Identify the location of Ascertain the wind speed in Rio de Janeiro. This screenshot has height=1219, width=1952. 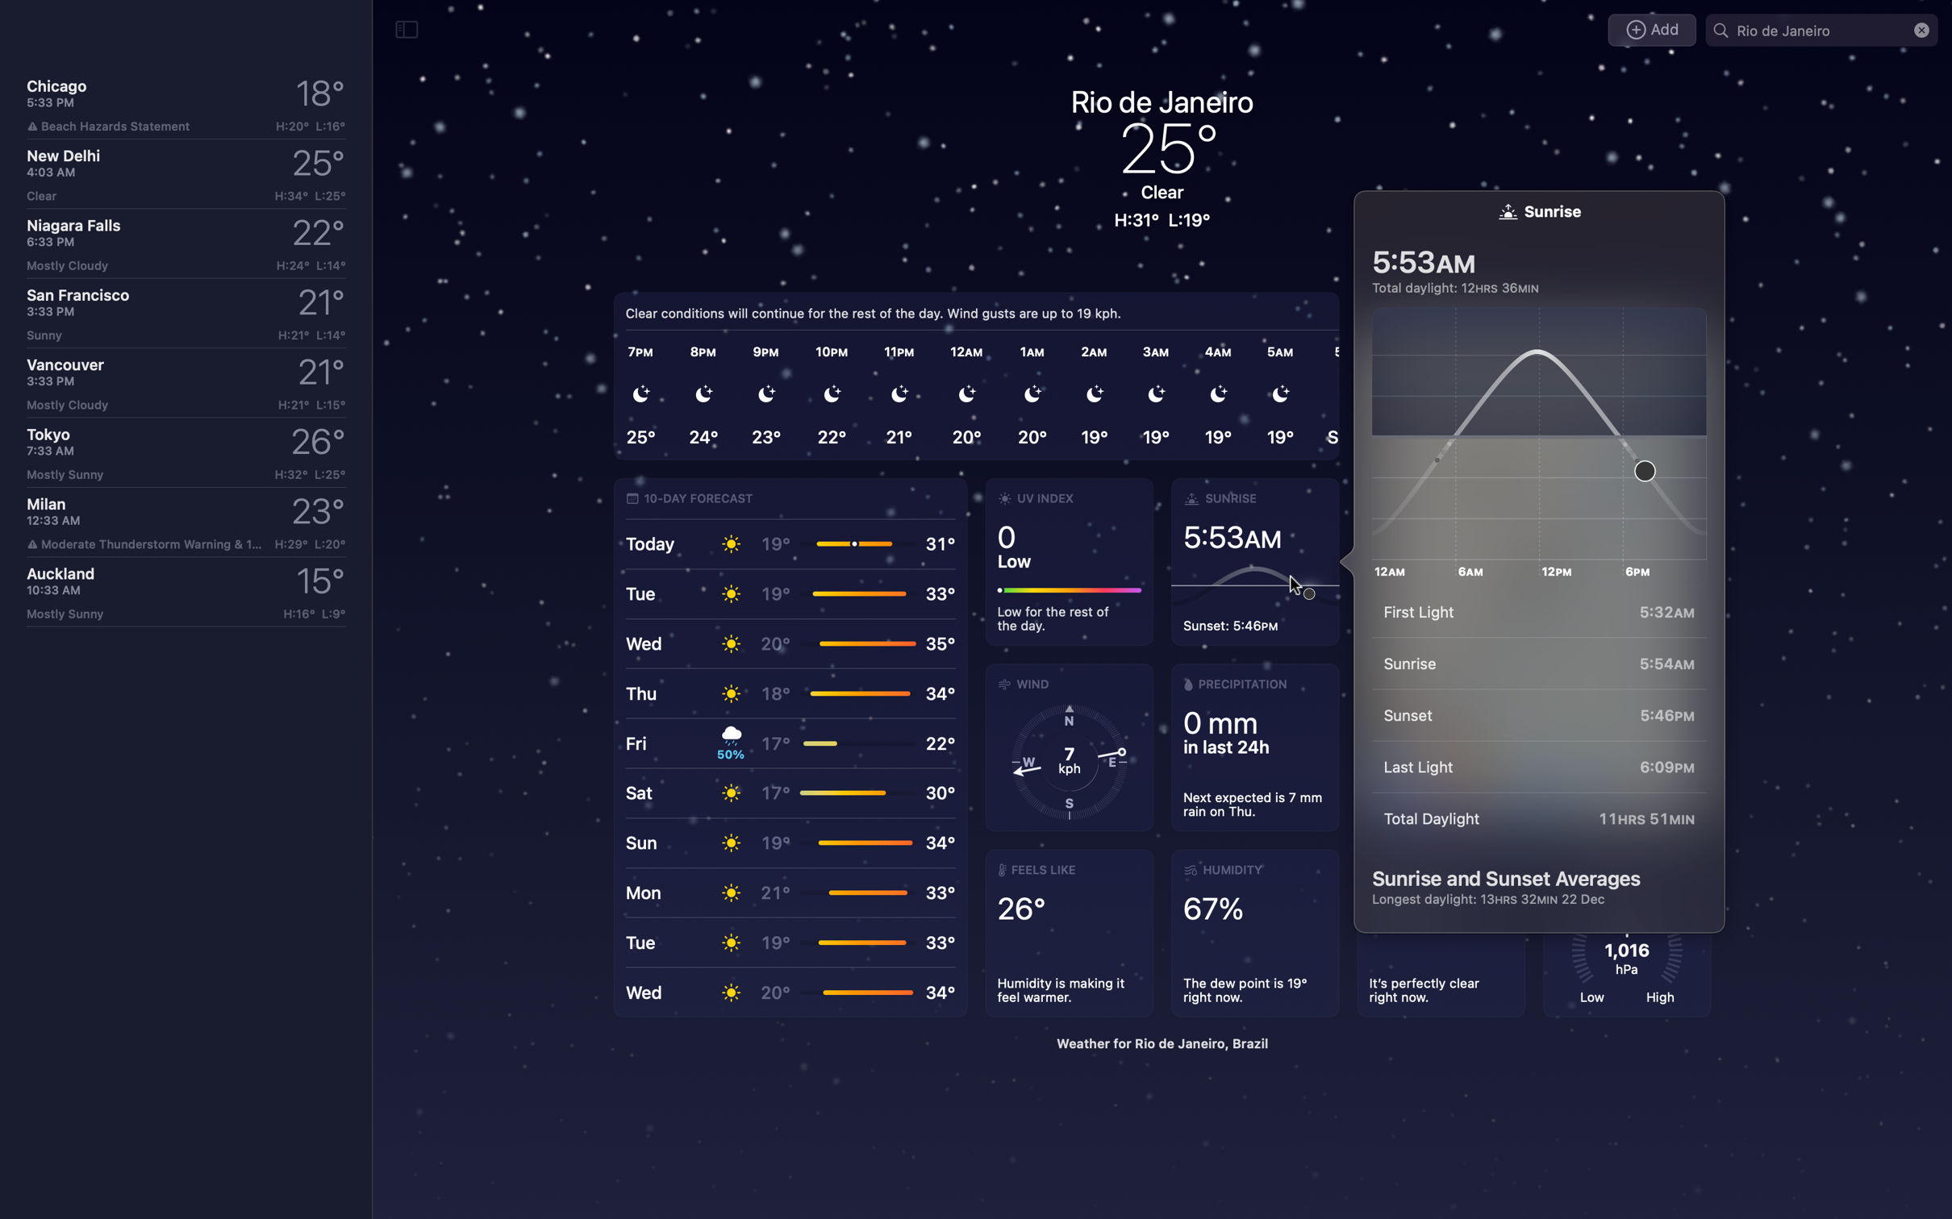
(1070, 747).